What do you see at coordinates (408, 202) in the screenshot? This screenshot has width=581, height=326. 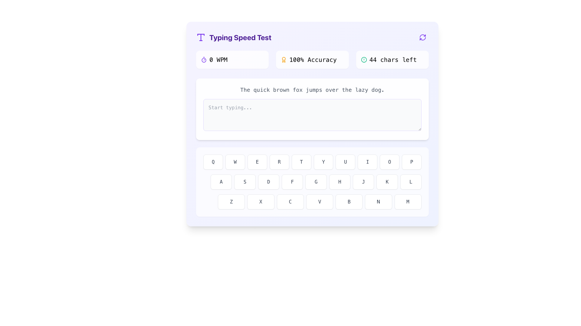 I see `the 'M' key in the virtual keyboard layout, which is the last key on the bottom-most row` at bounding box center [408, 202].